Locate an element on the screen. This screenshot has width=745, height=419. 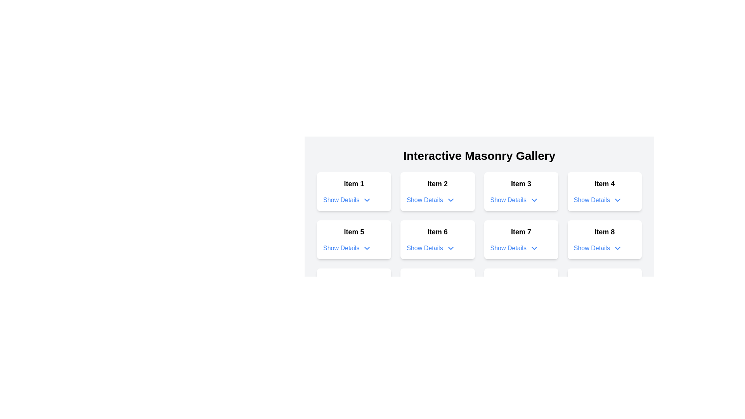
the blue text link labeled 'Show Details' located under 'Item 1' in the upper-left corner of the grid is located at coordinates (341, 200).